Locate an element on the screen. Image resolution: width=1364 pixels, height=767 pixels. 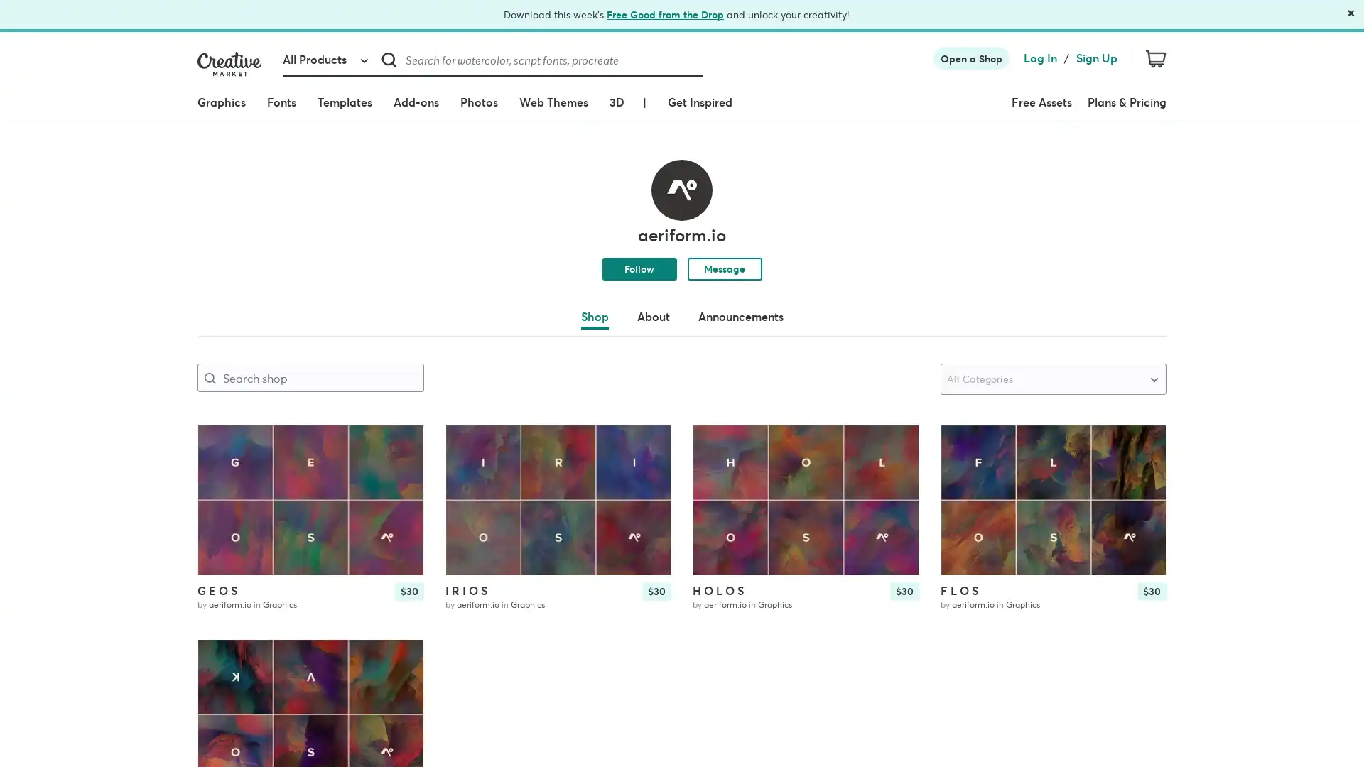
Plans & Pricing is located at coordinates (1126, 101).